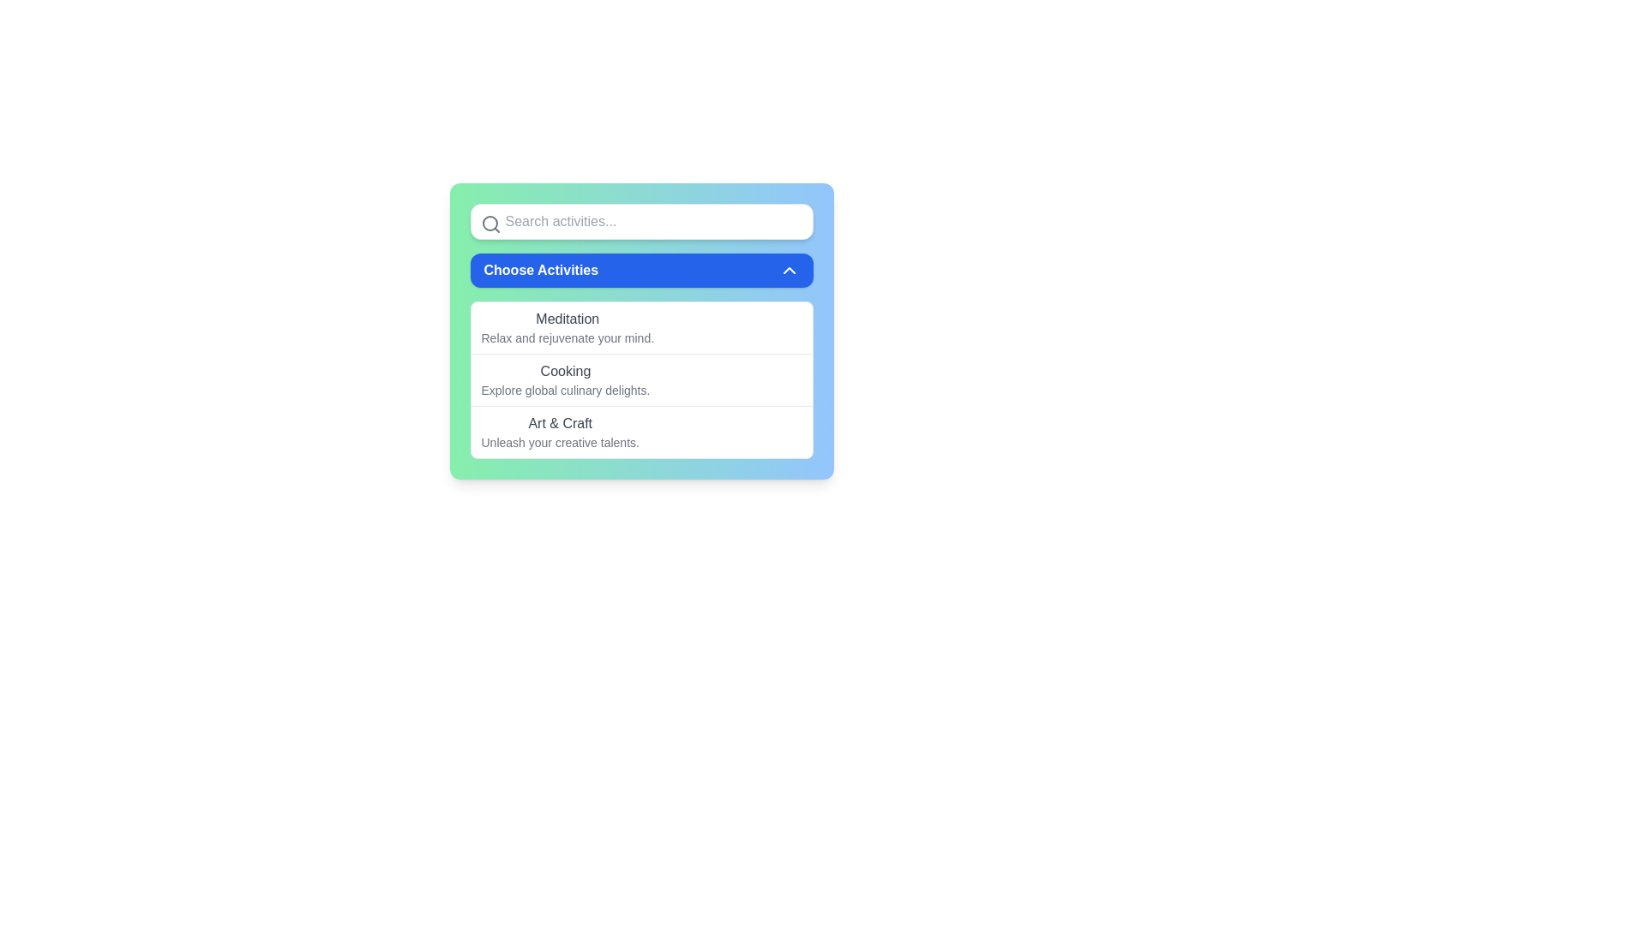 The image size is (1646, 925). Describe the element at coordinates (640, 331) in the screenshot. I see `the activity within the card titled 'Choose Activities'` at that location.